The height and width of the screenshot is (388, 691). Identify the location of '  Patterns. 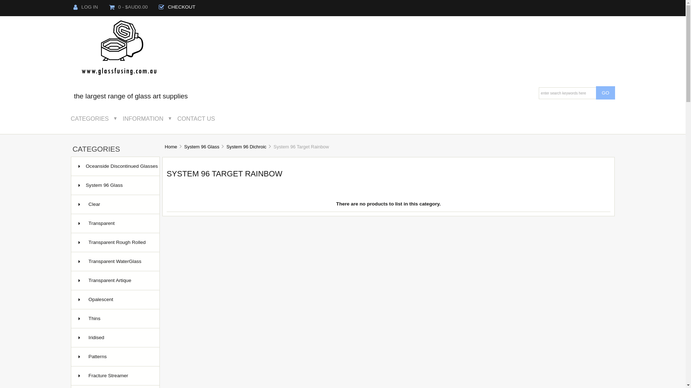
(115, 357).